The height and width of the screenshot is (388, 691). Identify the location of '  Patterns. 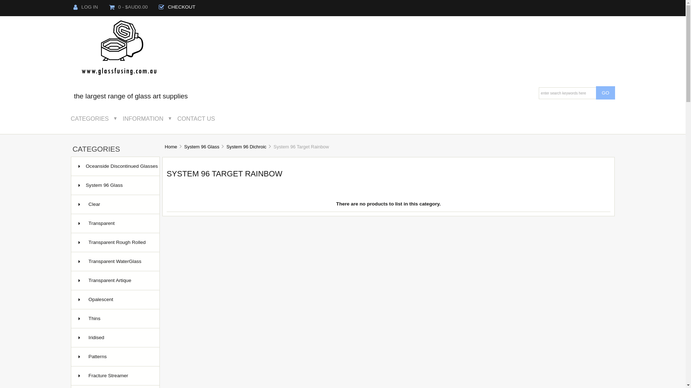
(115, 357).